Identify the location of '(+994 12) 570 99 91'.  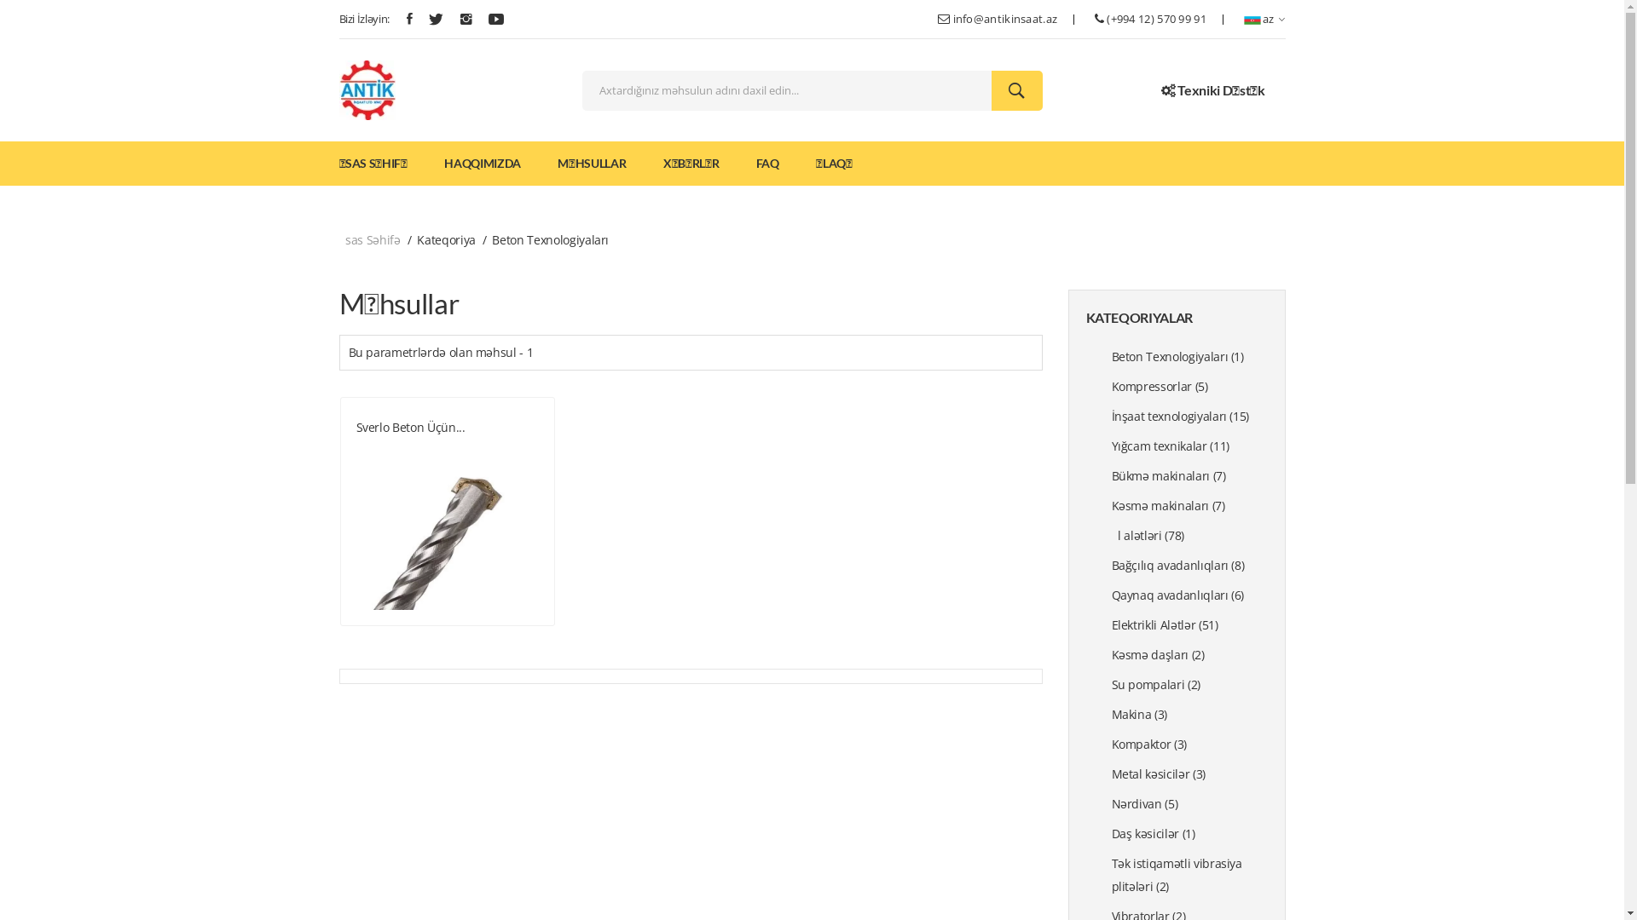
(1156, 19).